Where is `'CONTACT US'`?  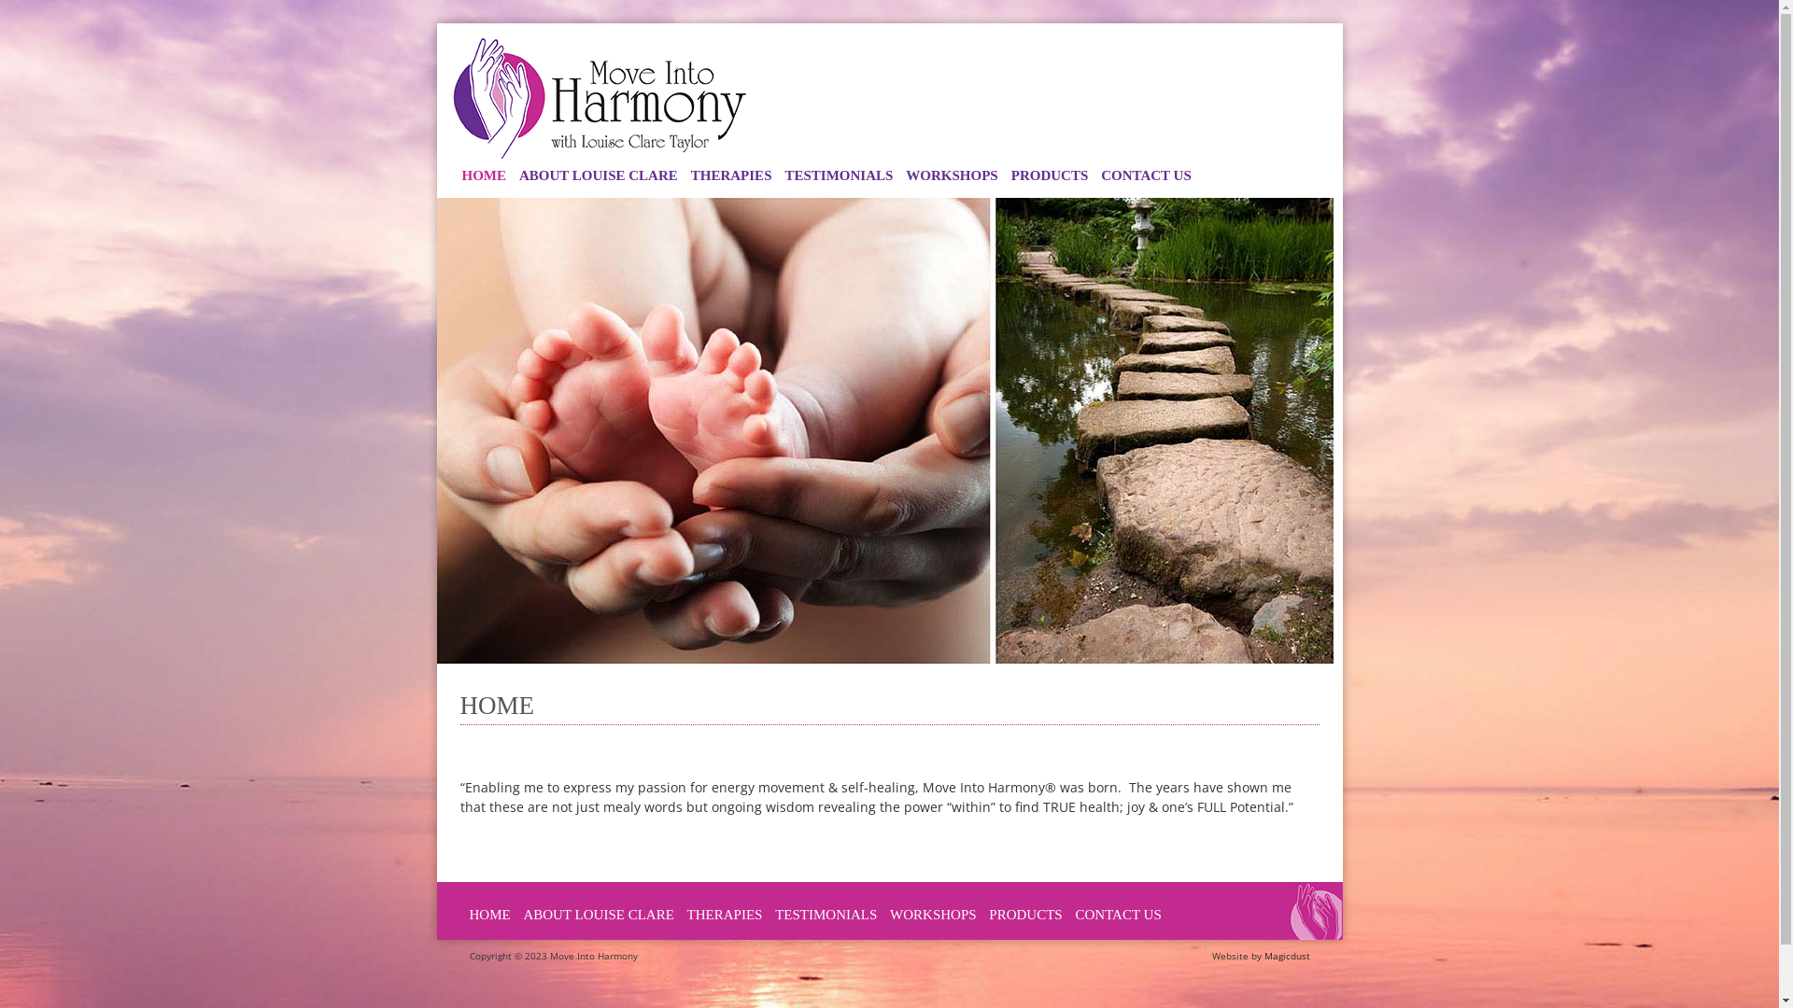
'CONTACT US' is located at coordinates (1075, 913).